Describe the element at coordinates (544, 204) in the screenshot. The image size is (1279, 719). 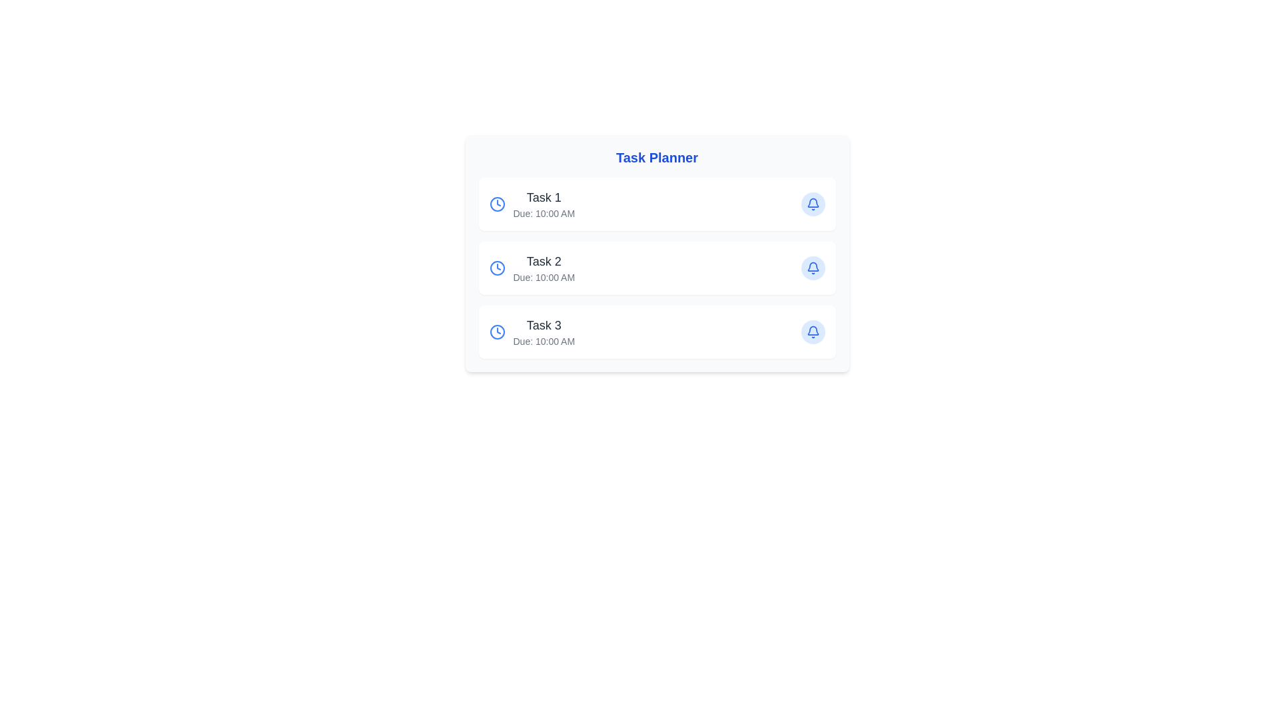
I see `text within the first Text block of the 'Task Planner' card layout that displays task information including title and due time` at that location.